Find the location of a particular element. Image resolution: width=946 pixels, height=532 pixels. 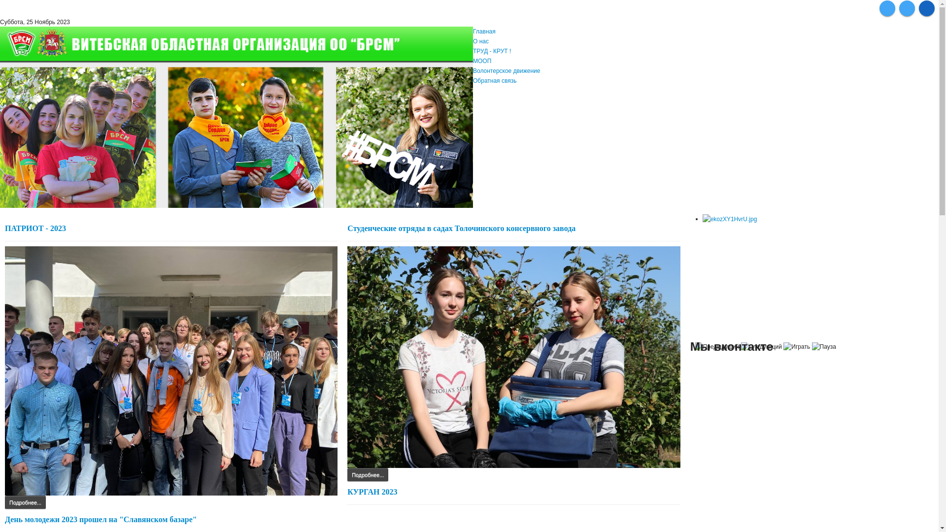

'Twitter' is located at coordinates (907, 8).